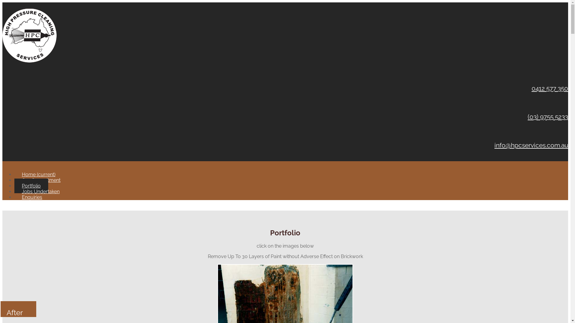  What do you see at coordinates (38, 174) in the screenshot?
I see `'Home (current)'` at bounding box center [38, 174].